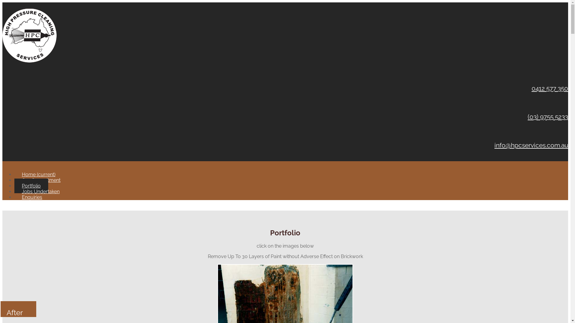  What do you see at coordinates (38, 174) in the screenshot?
I see `'Home (current)'` at bounding box center [38, 174].